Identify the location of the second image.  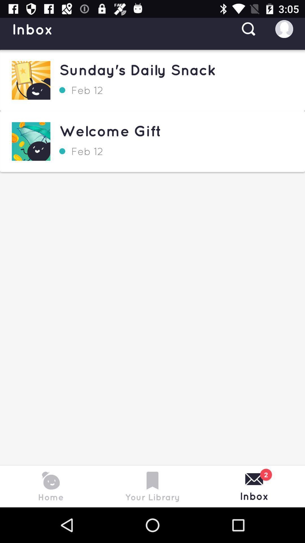
(31, 141).